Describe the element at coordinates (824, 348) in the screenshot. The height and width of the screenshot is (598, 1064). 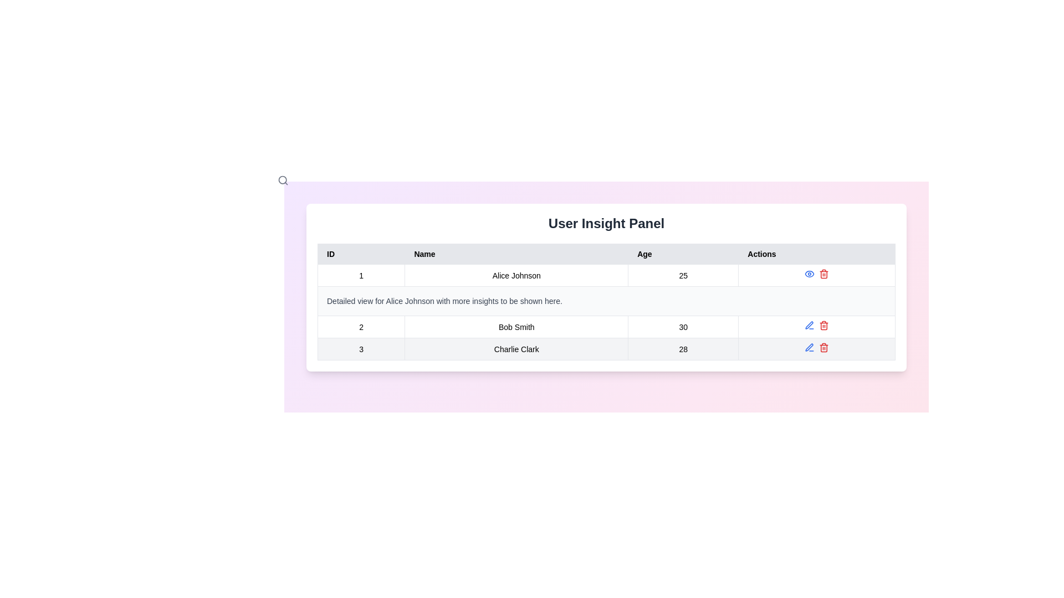
I see `the delete action icon located under the 'Actions' column in the second row of the table` at that location.